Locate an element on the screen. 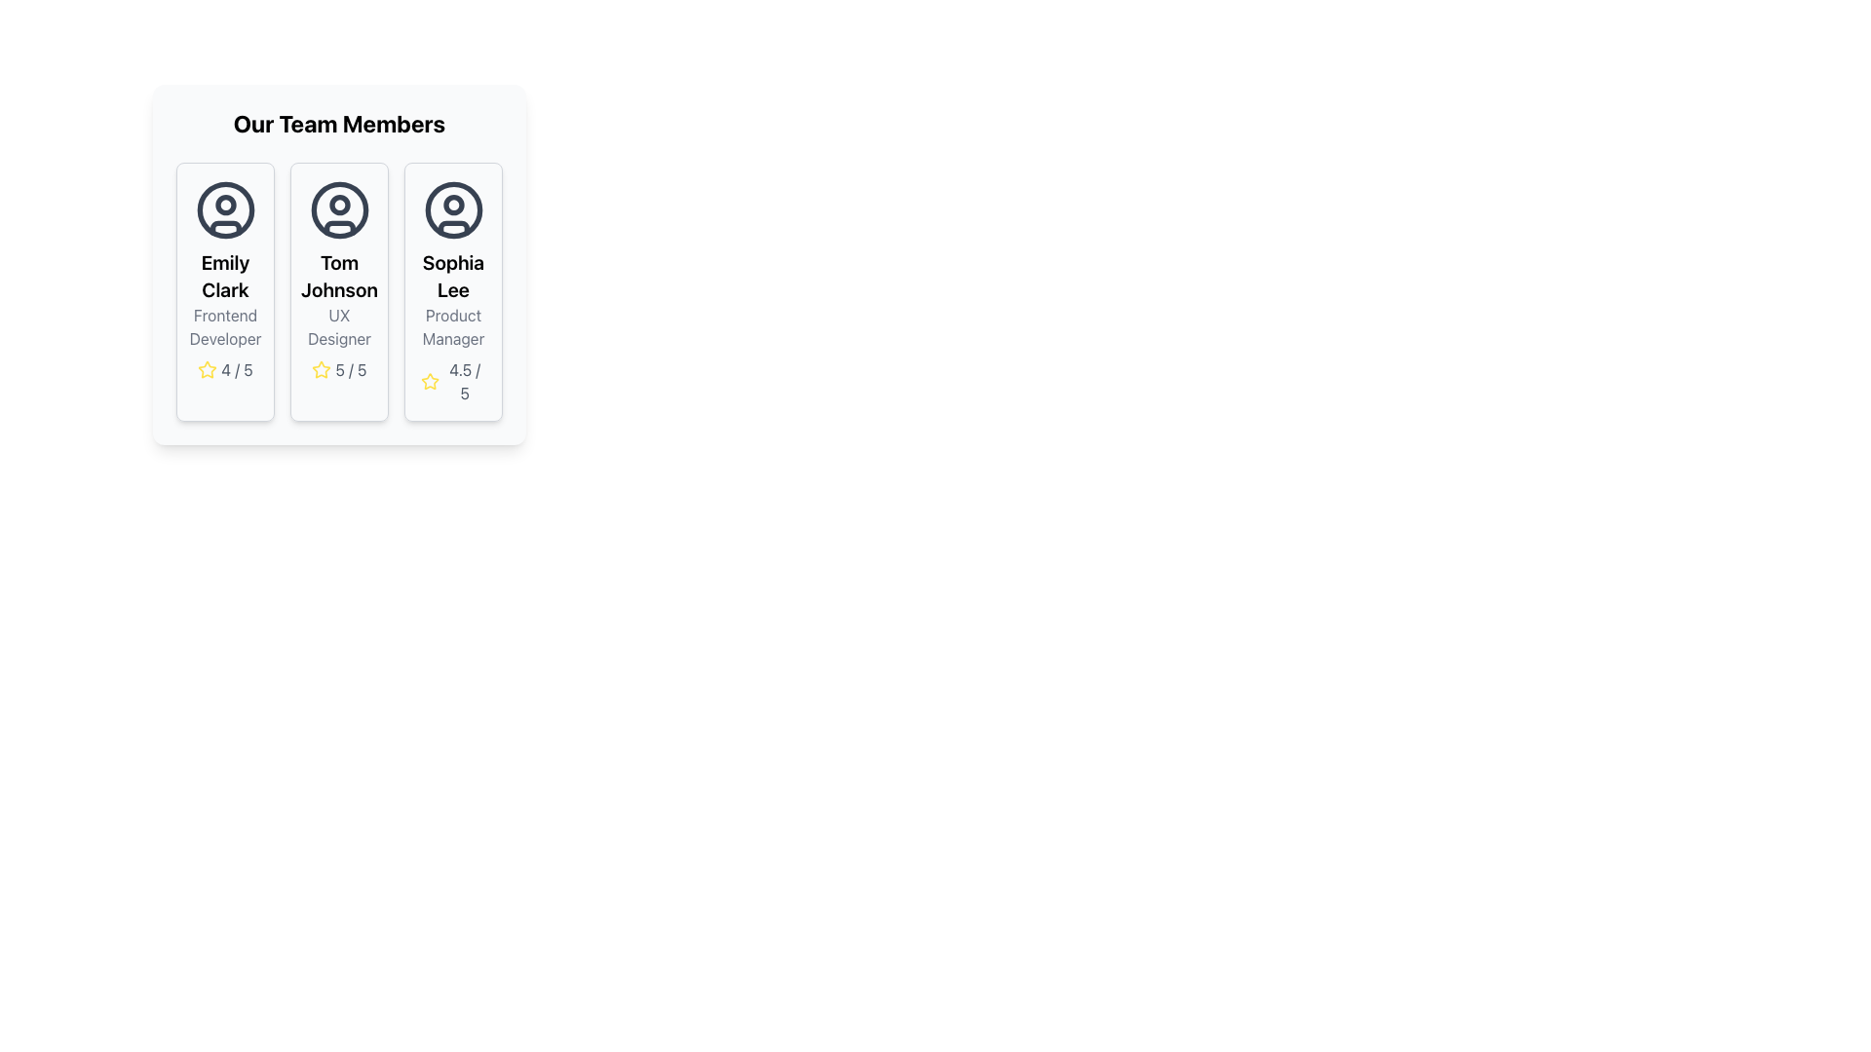 This screenshot has width=1871, height=1052. the third star icon in the 'Our Team Members' section, which is used for rating Tom Johnson, characterized by its hollow interior and yellow highlighted edges is located at coordinates (322, 369).